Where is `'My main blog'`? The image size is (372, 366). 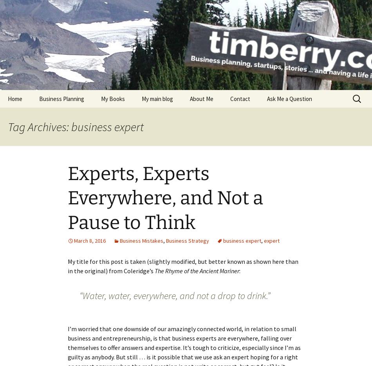 'My main blog' is located at coordinates (157, 99).